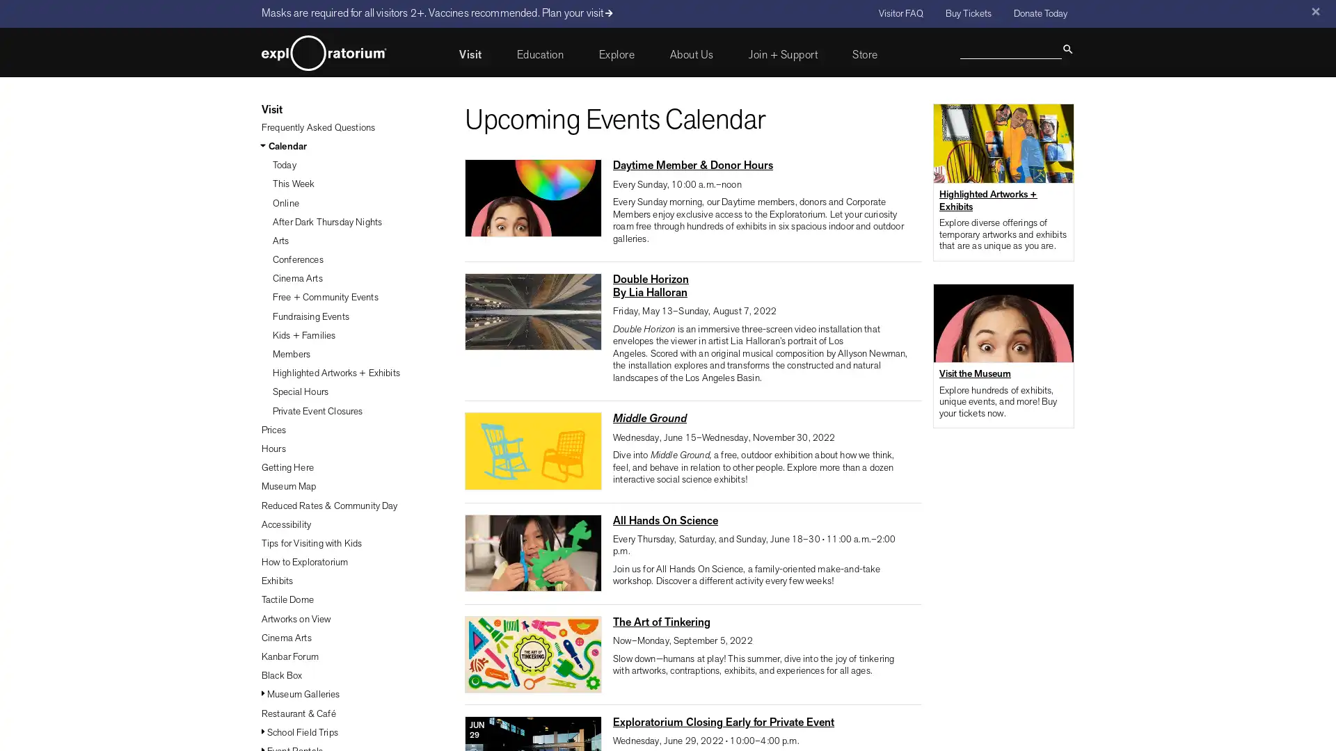 This screenshot has width=1336, height=751. What do you see at coordinates (1067, 47) in the screenshot?
I see `submit` at bounding box center [1067, 47].